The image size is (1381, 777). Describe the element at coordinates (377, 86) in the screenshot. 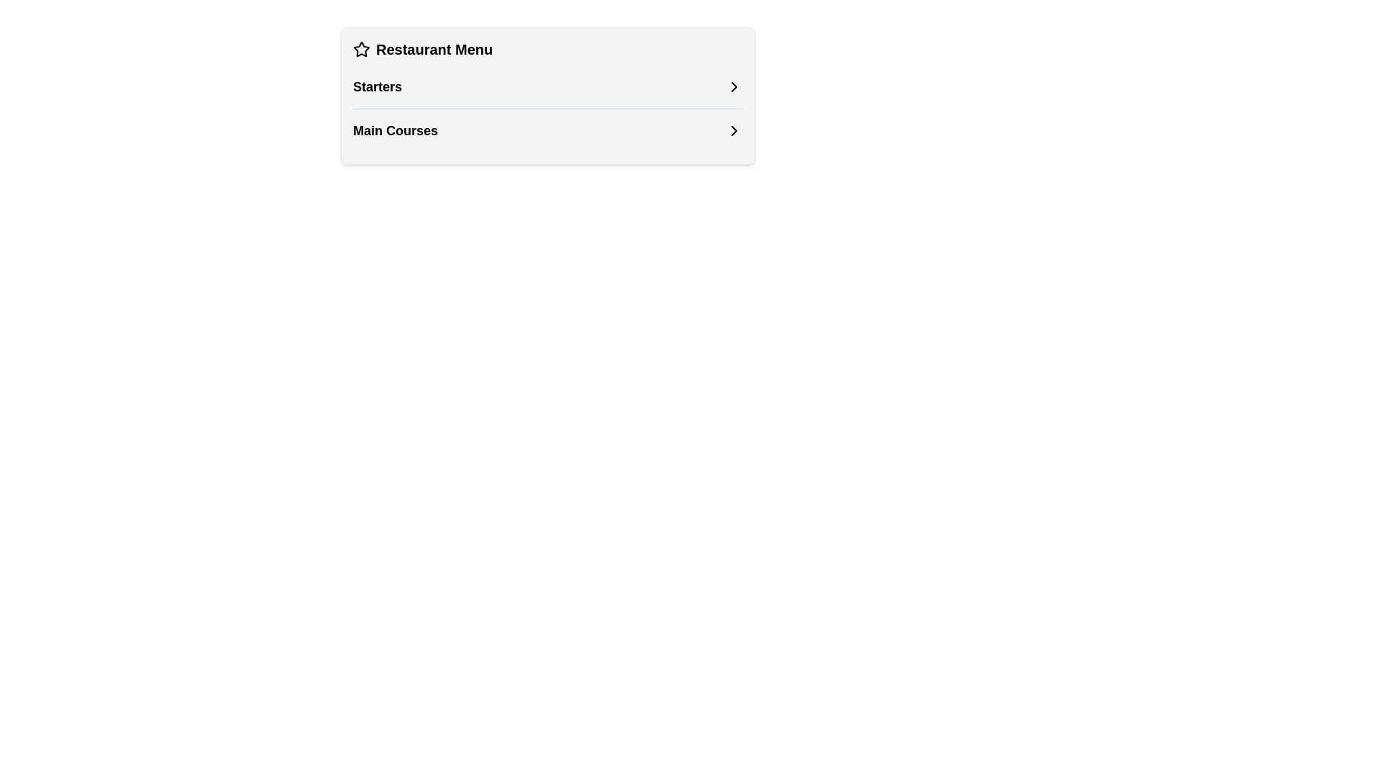

I see `the 'Starters' text link located below 'Restaurant Menu' and above 'Main Courses'` at that location.